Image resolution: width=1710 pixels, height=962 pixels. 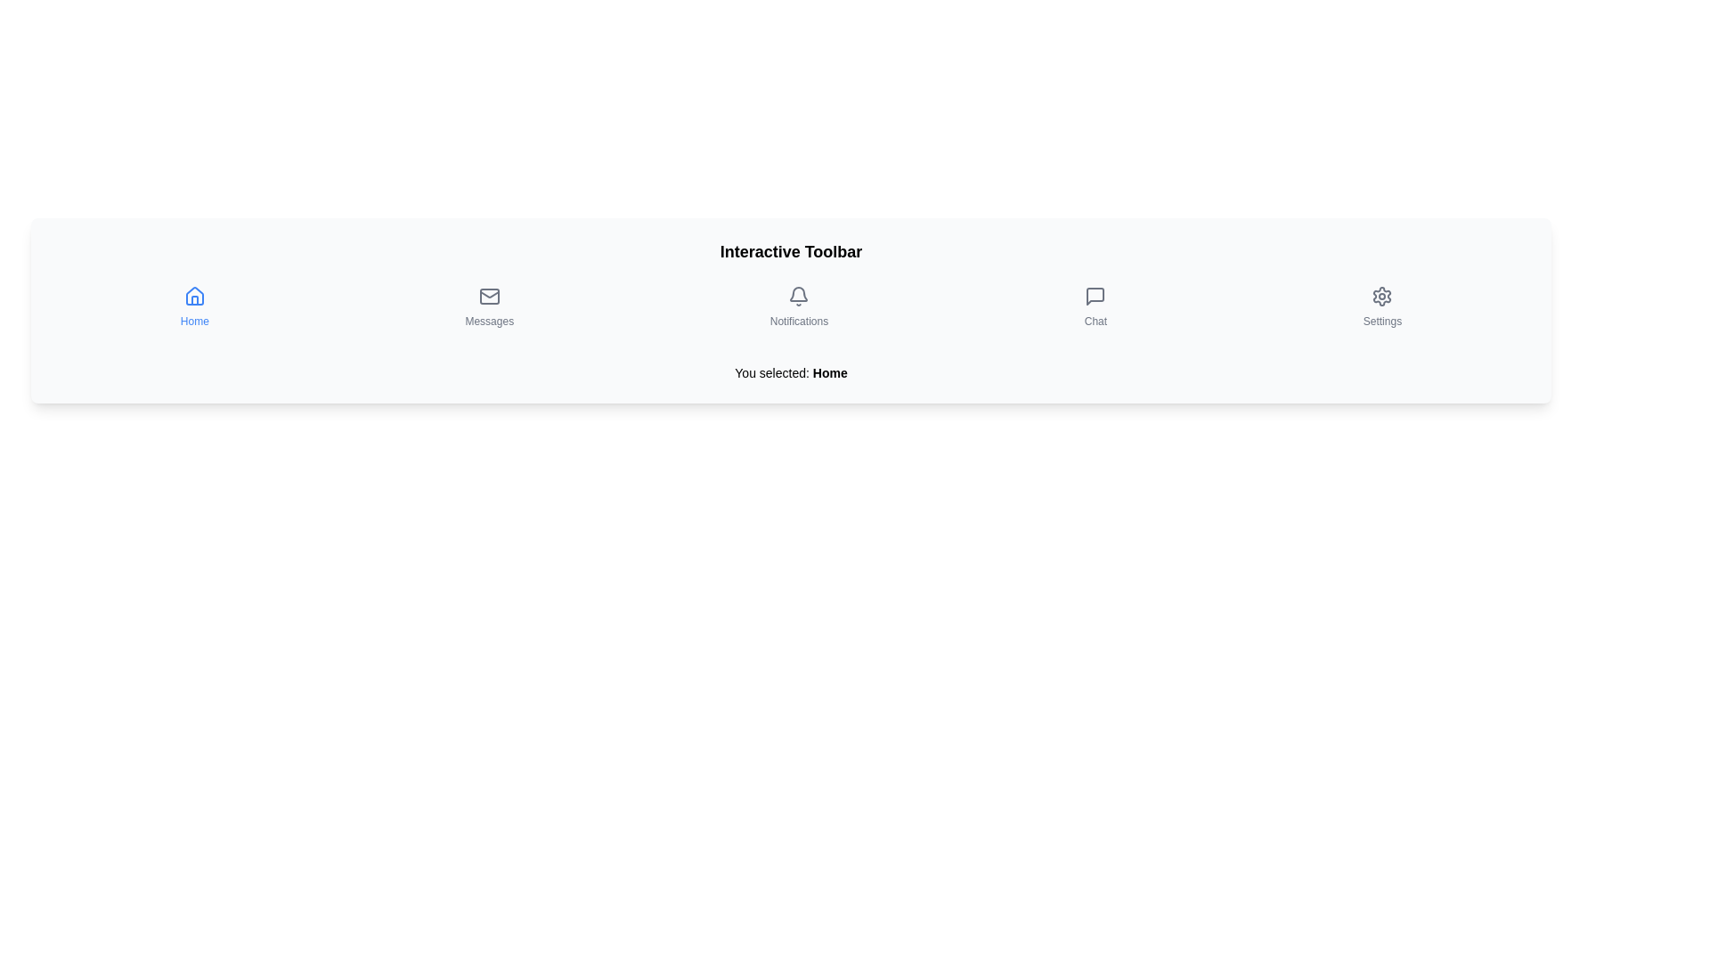 I want to click on the 'Messages' text label located centrally below the envelope icon in the interactive toolbar, which provides context for the associated button, so click(x=489, y=322).